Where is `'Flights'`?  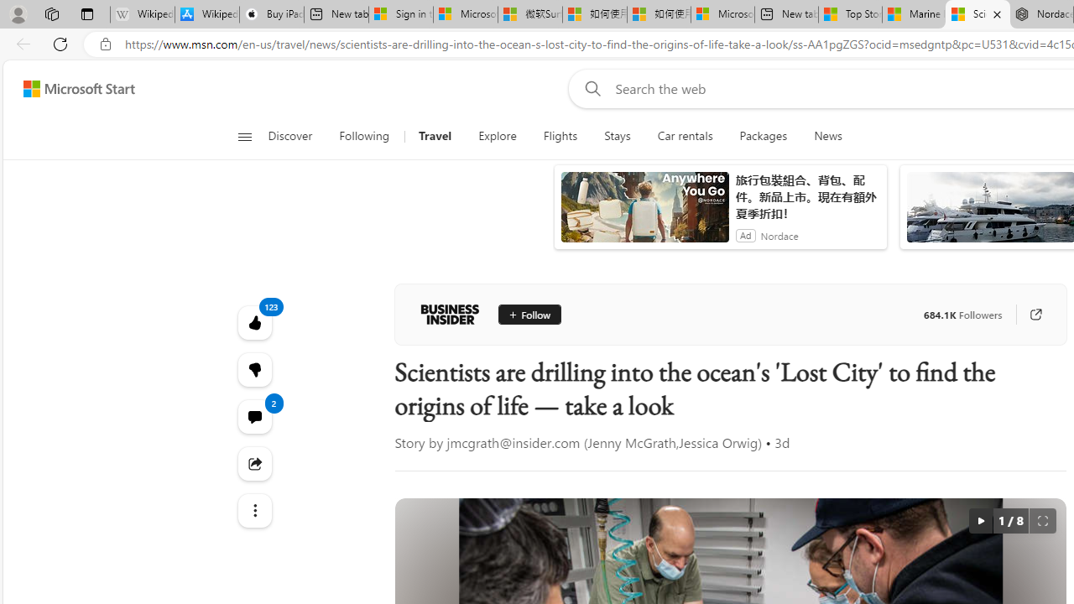 'Flights' is located at coordinates (560, 136).